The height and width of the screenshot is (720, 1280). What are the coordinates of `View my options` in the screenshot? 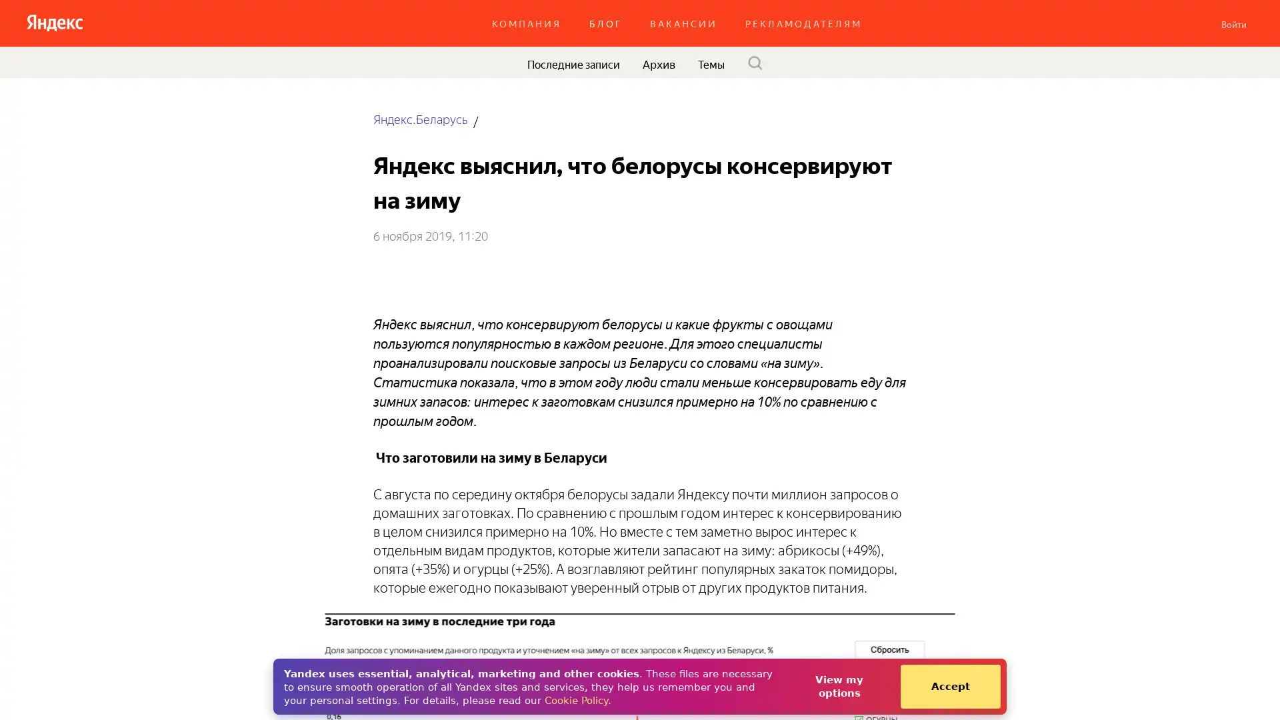 It's located at (838, 686).